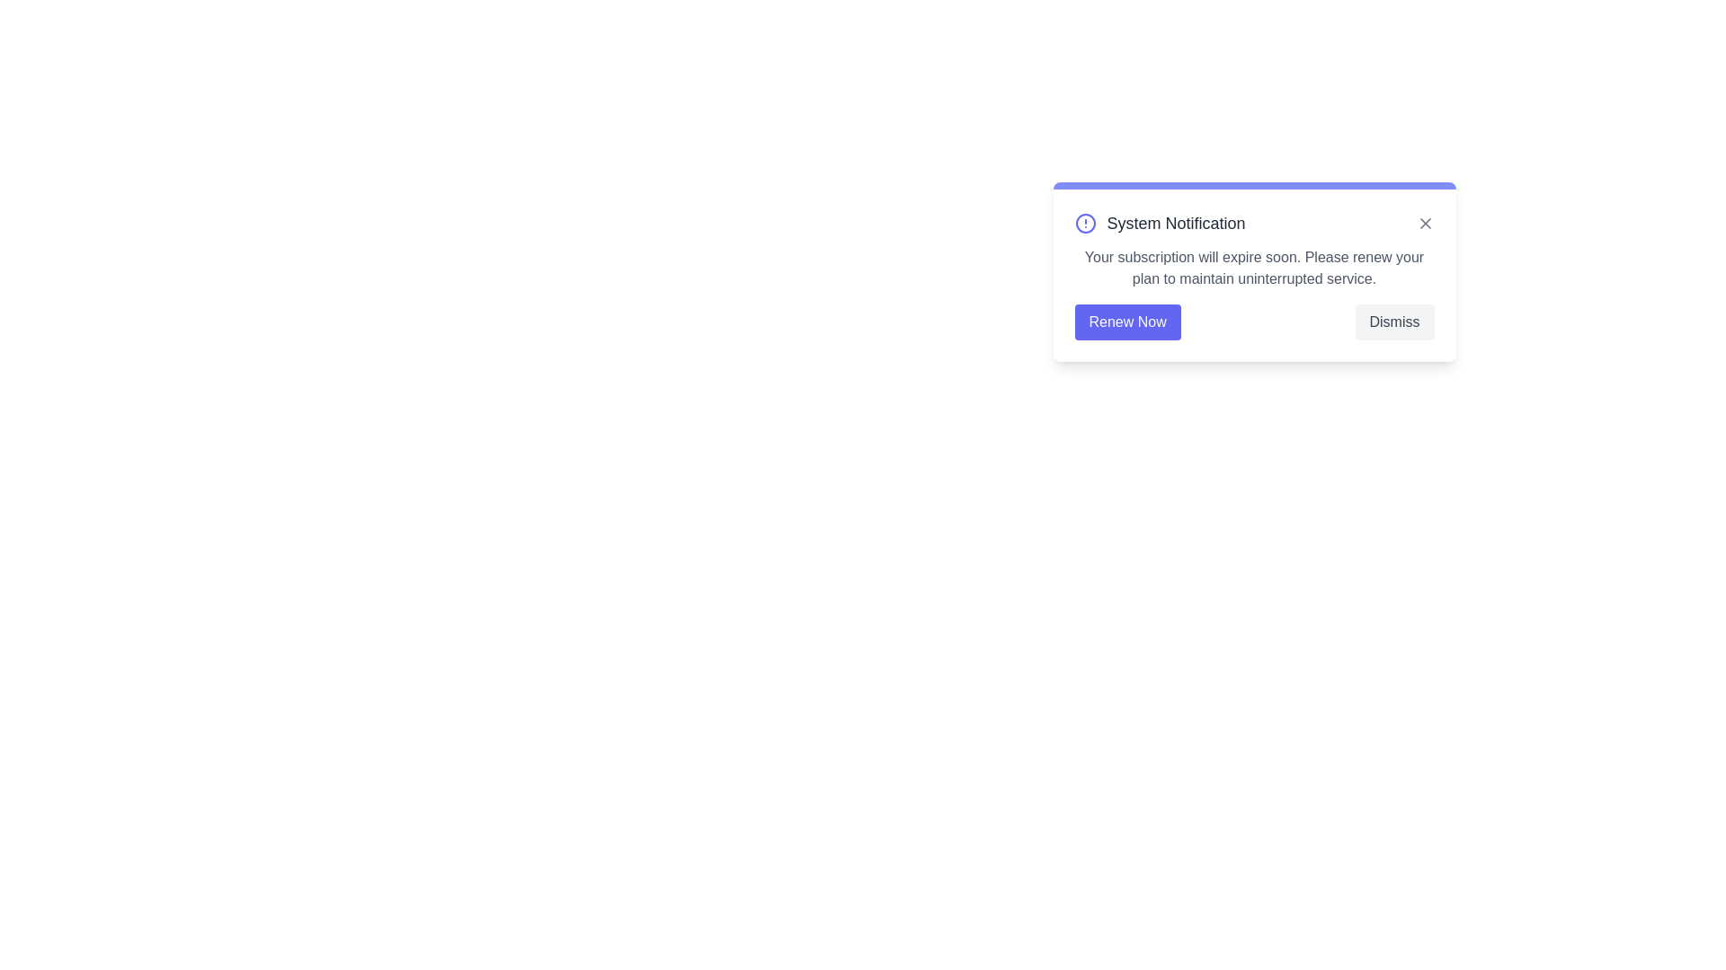 This screenshot has width=1726, height=970. Describe the element at coordinates (1393, 321) in the screenshot. I see `the 'Dismiss' button to dismiss the notification` at that location.